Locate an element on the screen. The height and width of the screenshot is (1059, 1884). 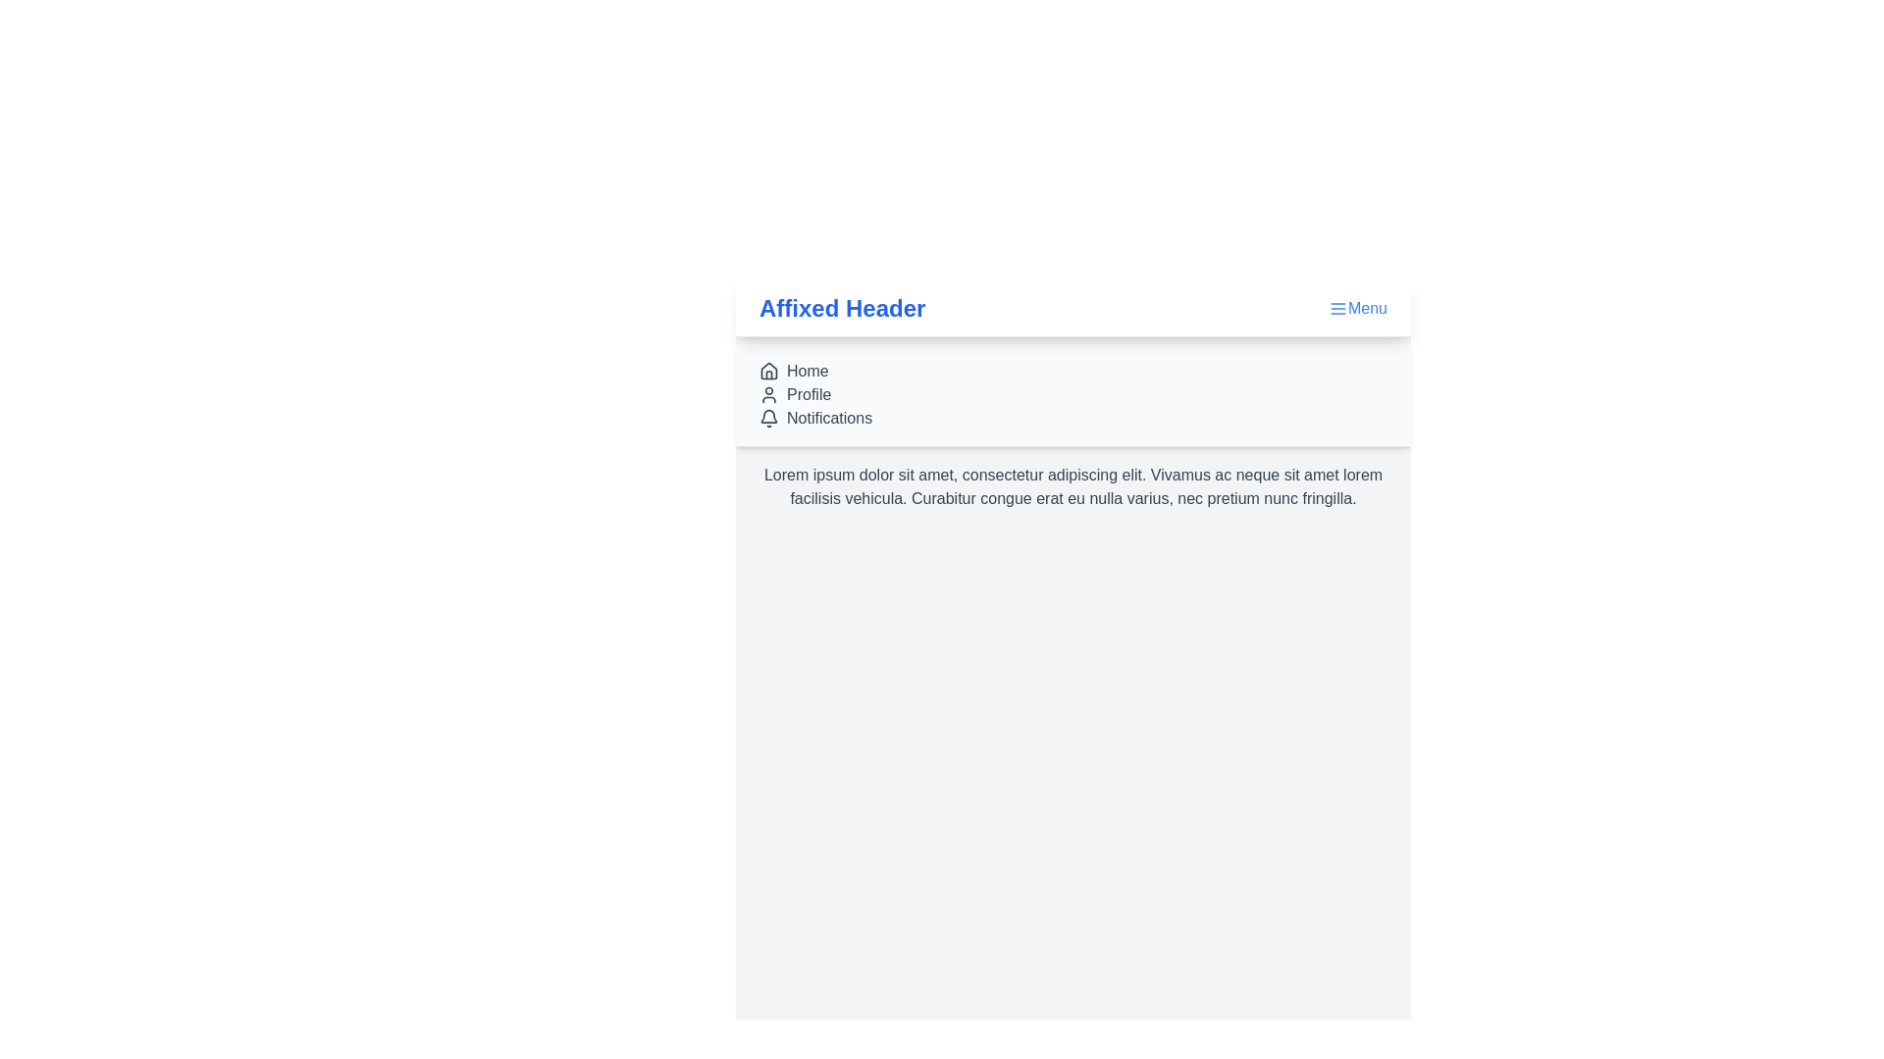
the icon located at the far right of the header section, next to the 'Menu' text label is located at coordinates (1336, 309).